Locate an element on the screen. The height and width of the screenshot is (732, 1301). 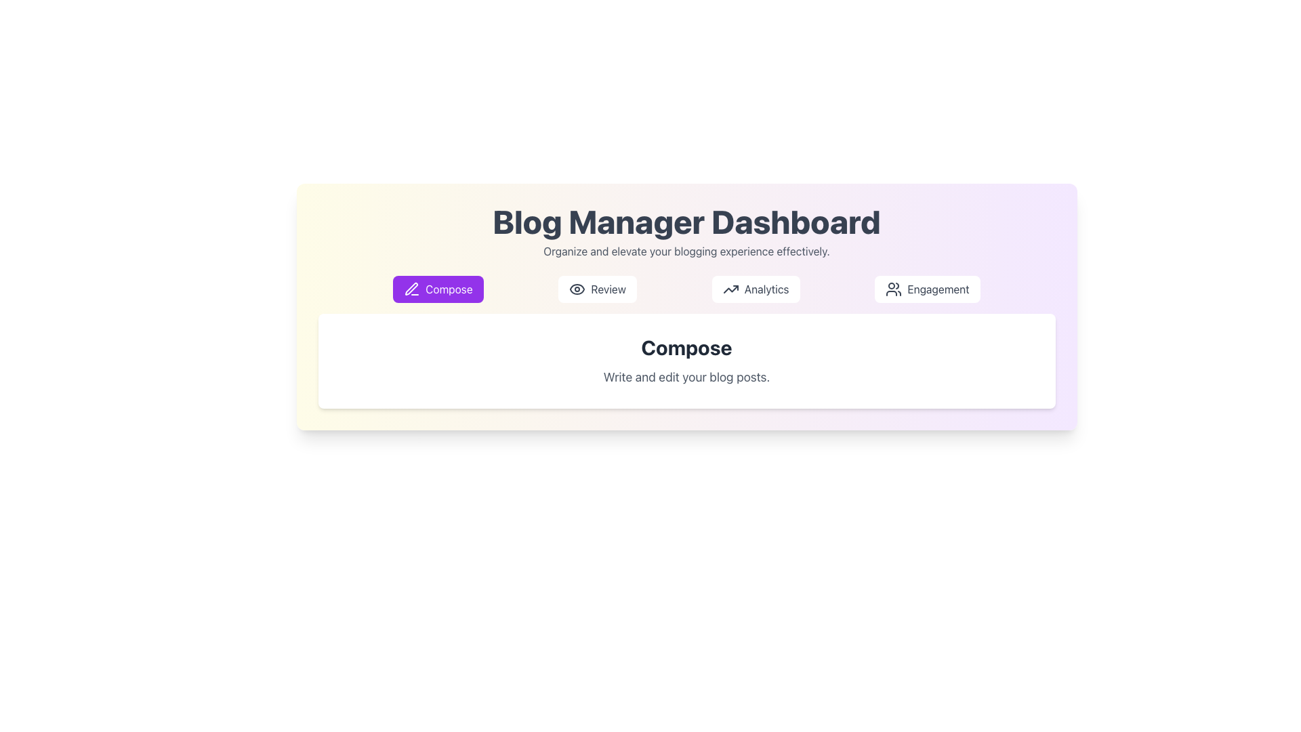
static informational text that reads 'Organize and elevate your blogging experience effectively.' positioned below the header 'Blog Manager Dashboard.' is located at coordinates (686, 251).